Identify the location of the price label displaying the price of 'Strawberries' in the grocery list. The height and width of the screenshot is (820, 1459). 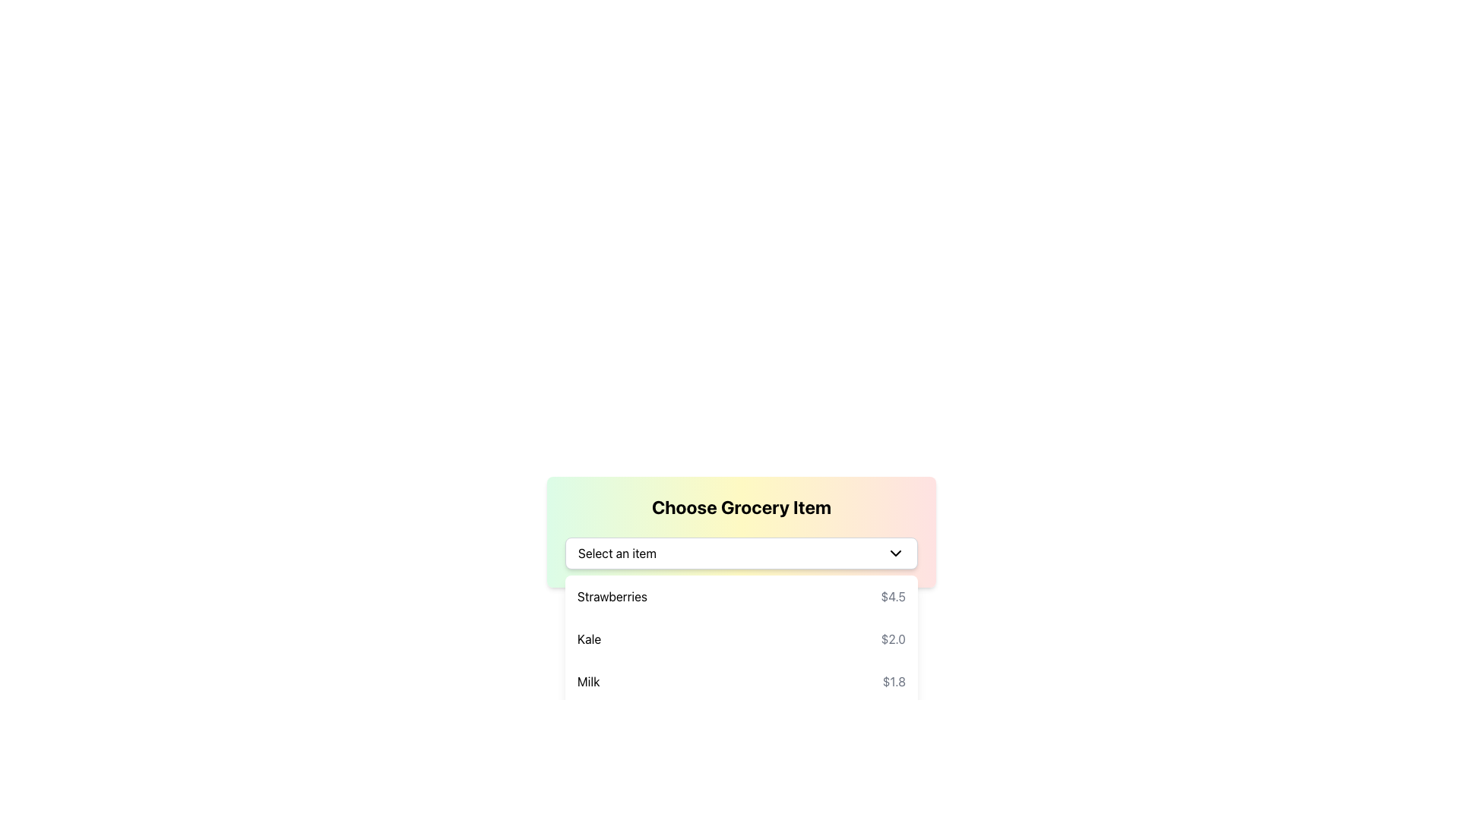
(893, 596).